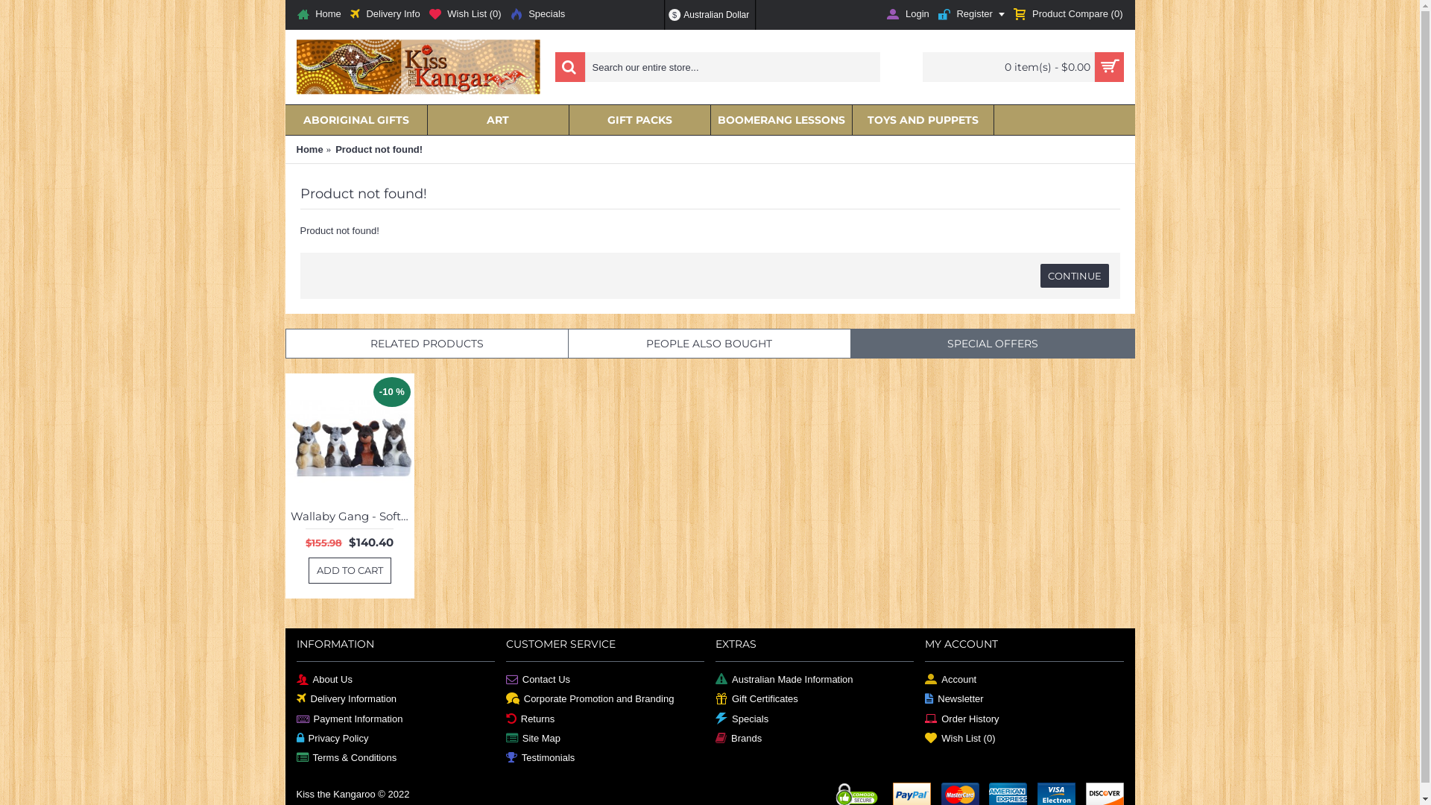 This screenshot has width=1431, height=805. What do you see at coordinates (882, 14) in the screenshot?
I see `'Login'` at bounding box center [882, 14].